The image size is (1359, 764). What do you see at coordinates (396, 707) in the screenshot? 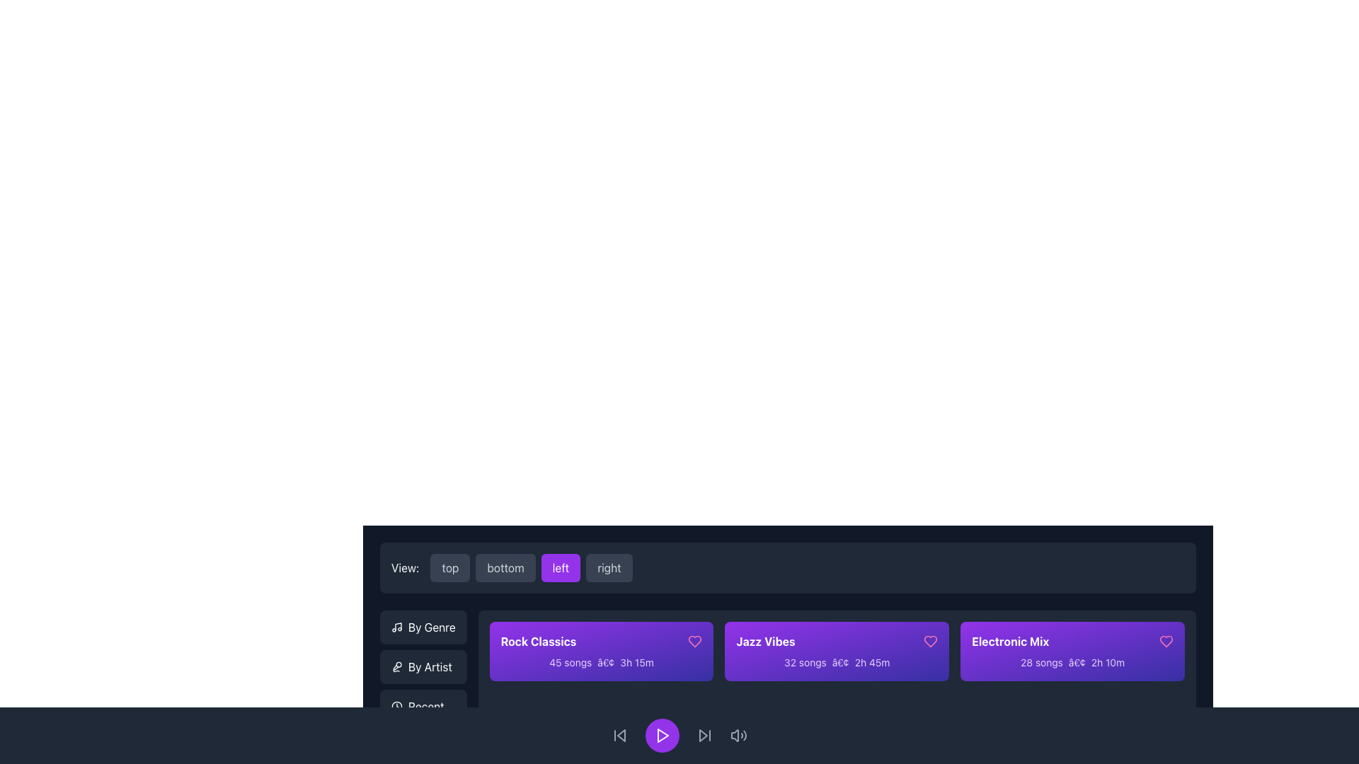
I see `the clock icon located immediately to the left of the 'Recent' text in the lower-left corner of the interface` at bounding box center [396, 707].